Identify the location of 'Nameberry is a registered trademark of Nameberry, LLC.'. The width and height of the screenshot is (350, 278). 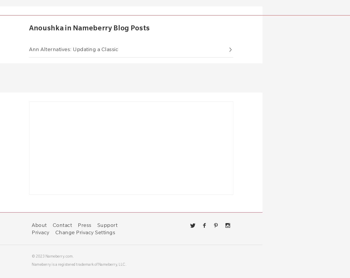
(79, 264).